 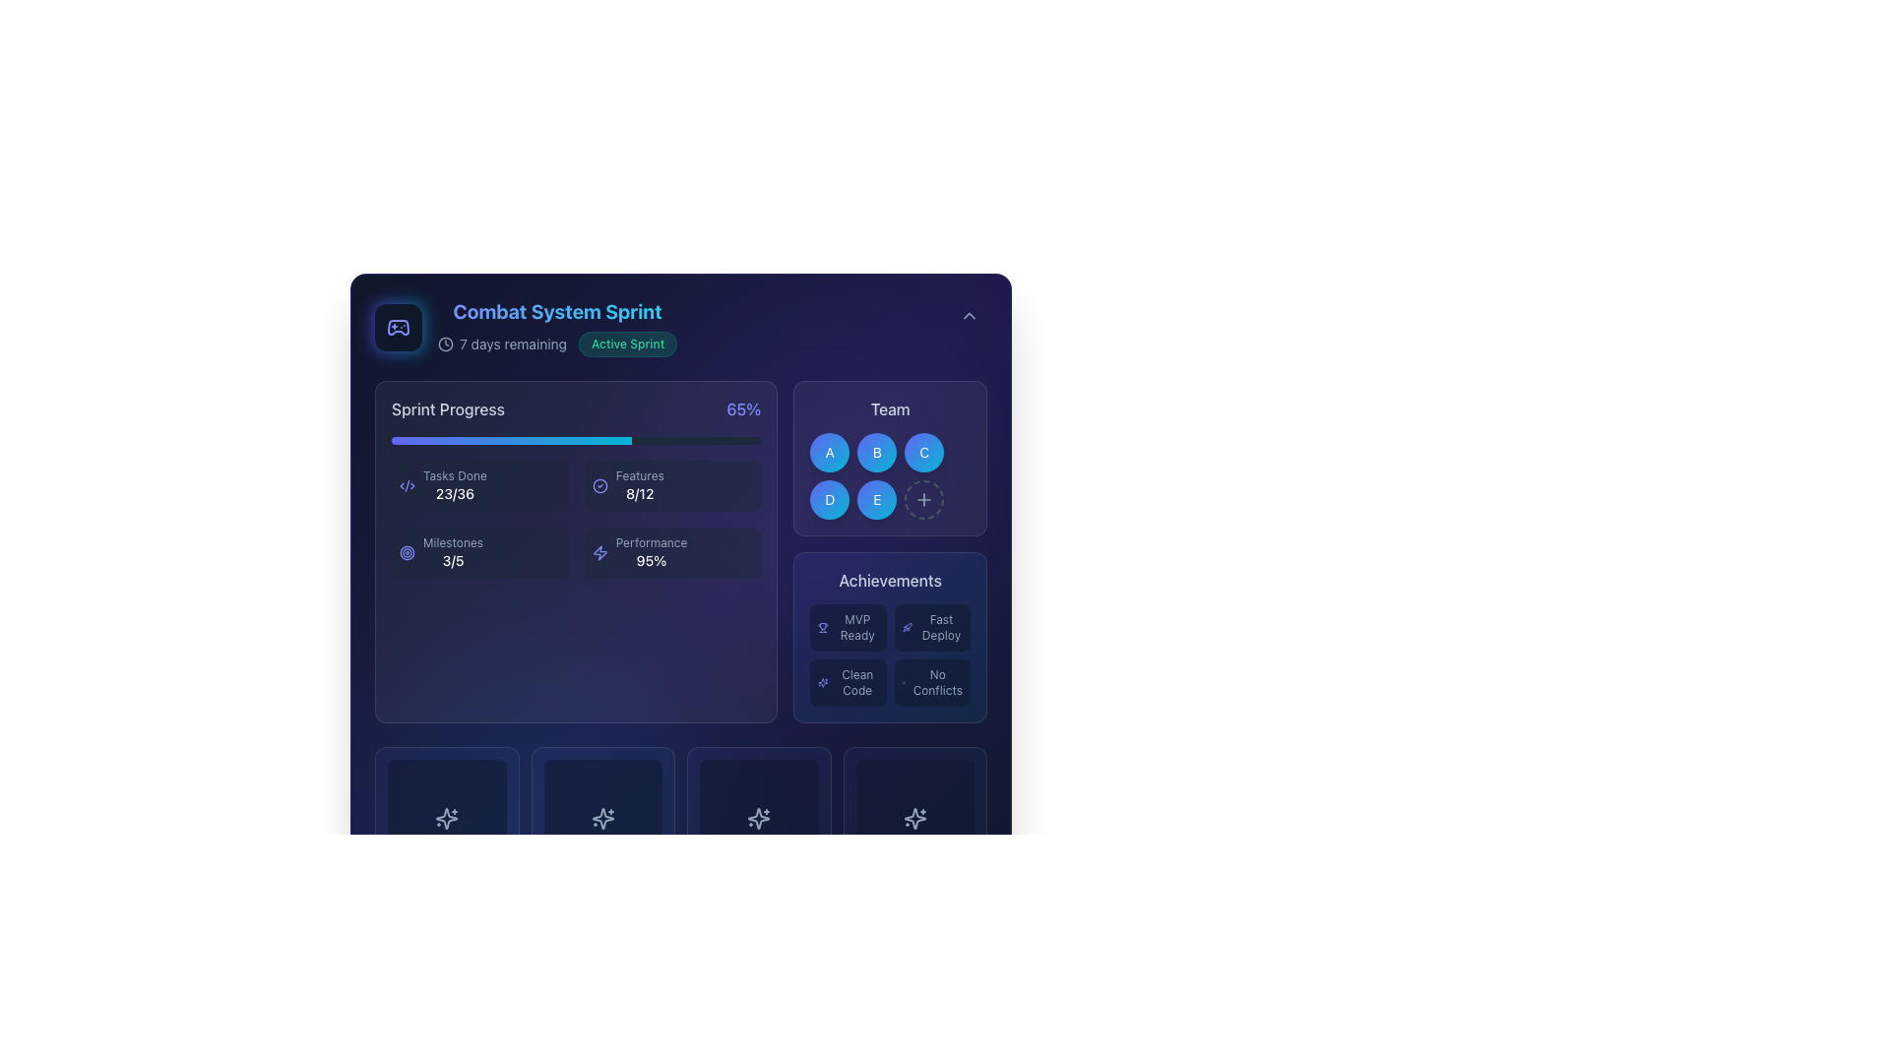 What do you see at coordinates (454, 485) in the screenshot?
I see `the 'Tasks Done' text display, which shows the fraction '23/36' in a bold, white font, located in the top-left card of the Sprint Progress module` at bounding box center [454, 485].